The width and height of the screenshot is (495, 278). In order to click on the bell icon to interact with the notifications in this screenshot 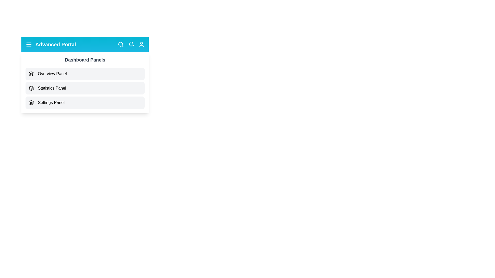, I will do `click(131, 44)`.